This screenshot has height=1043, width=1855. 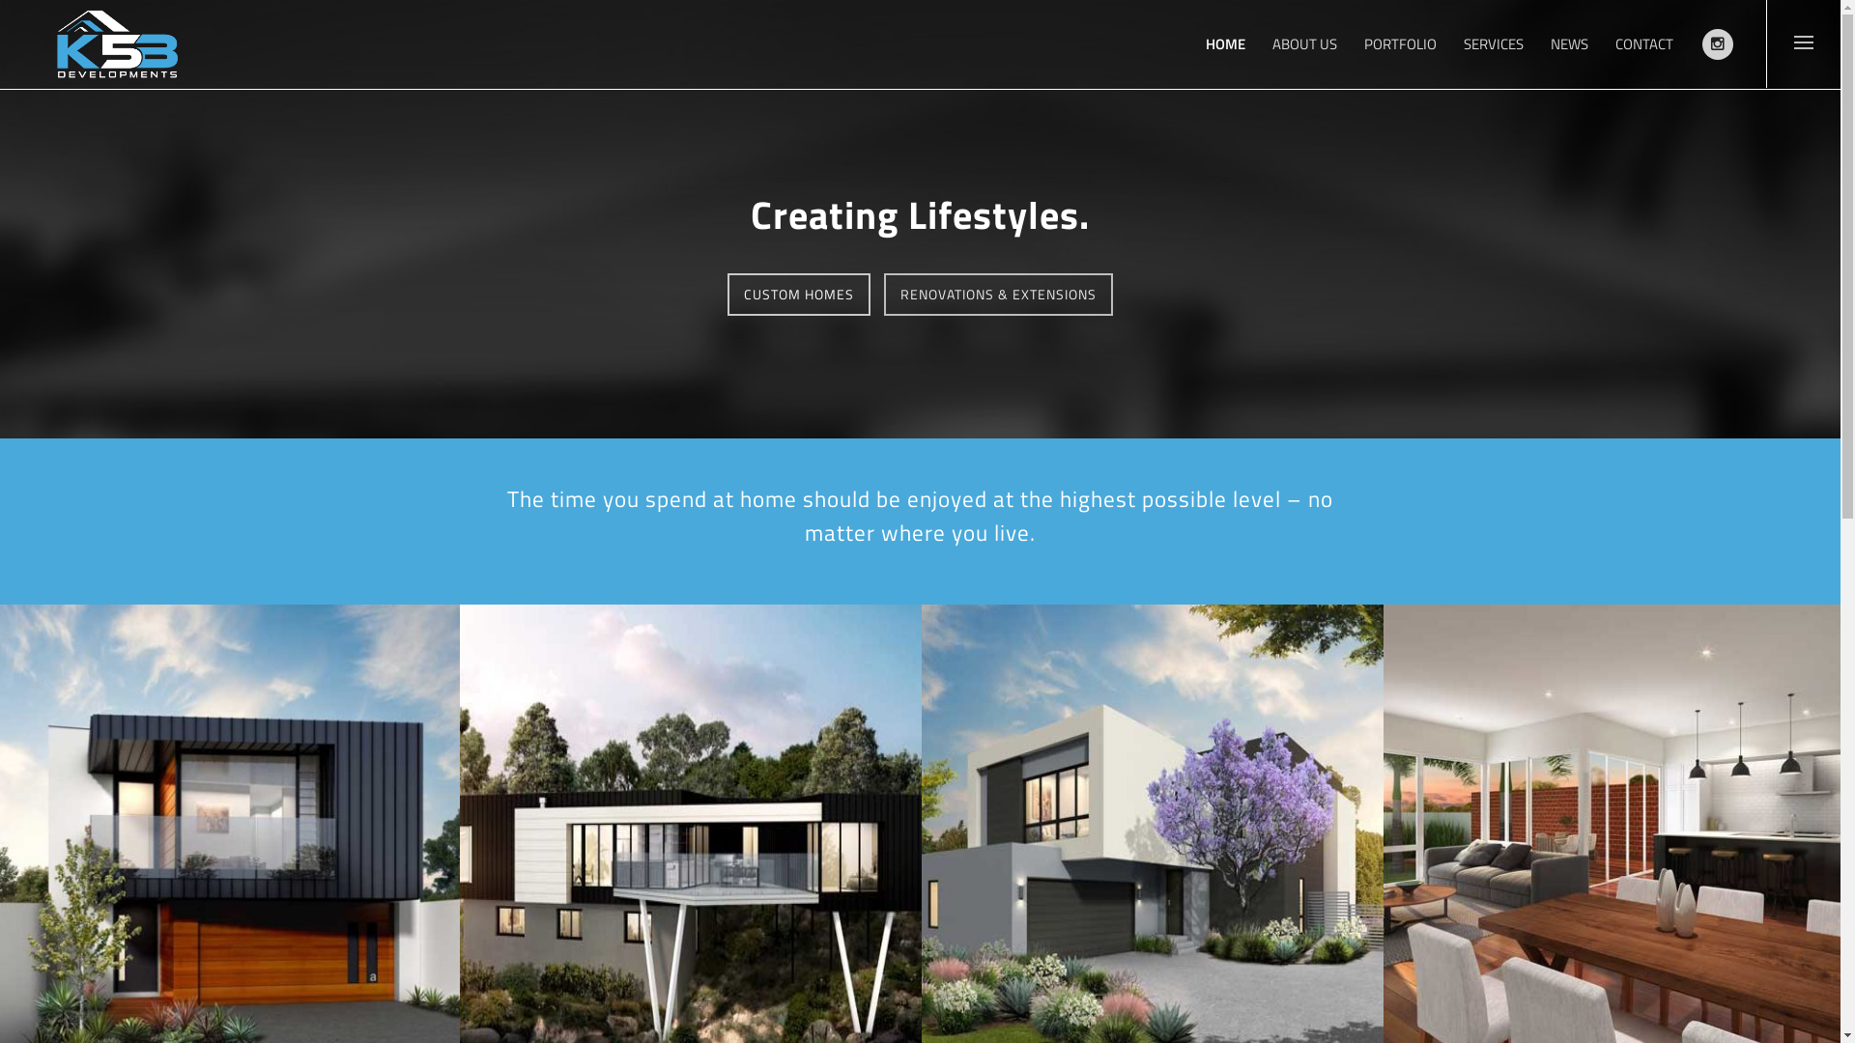 I want to click on 'CUSTOM HOMES', so click(x=798, y=294).